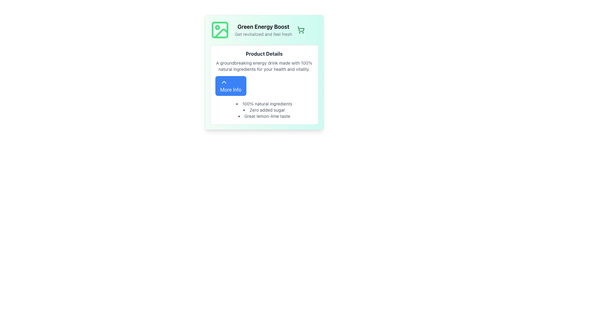  I want to click on the shopping icon located on the right side of the top section, adjacent to the title 'Green Energy Boost', so click(301, 30).